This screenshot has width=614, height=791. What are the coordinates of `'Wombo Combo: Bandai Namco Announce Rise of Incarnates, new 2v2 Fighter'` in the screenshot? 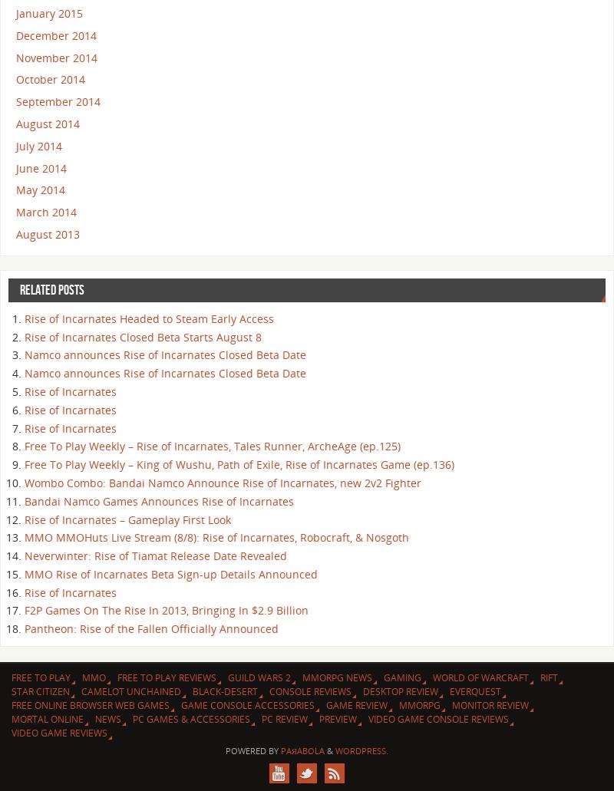 It's located at (223, 482).